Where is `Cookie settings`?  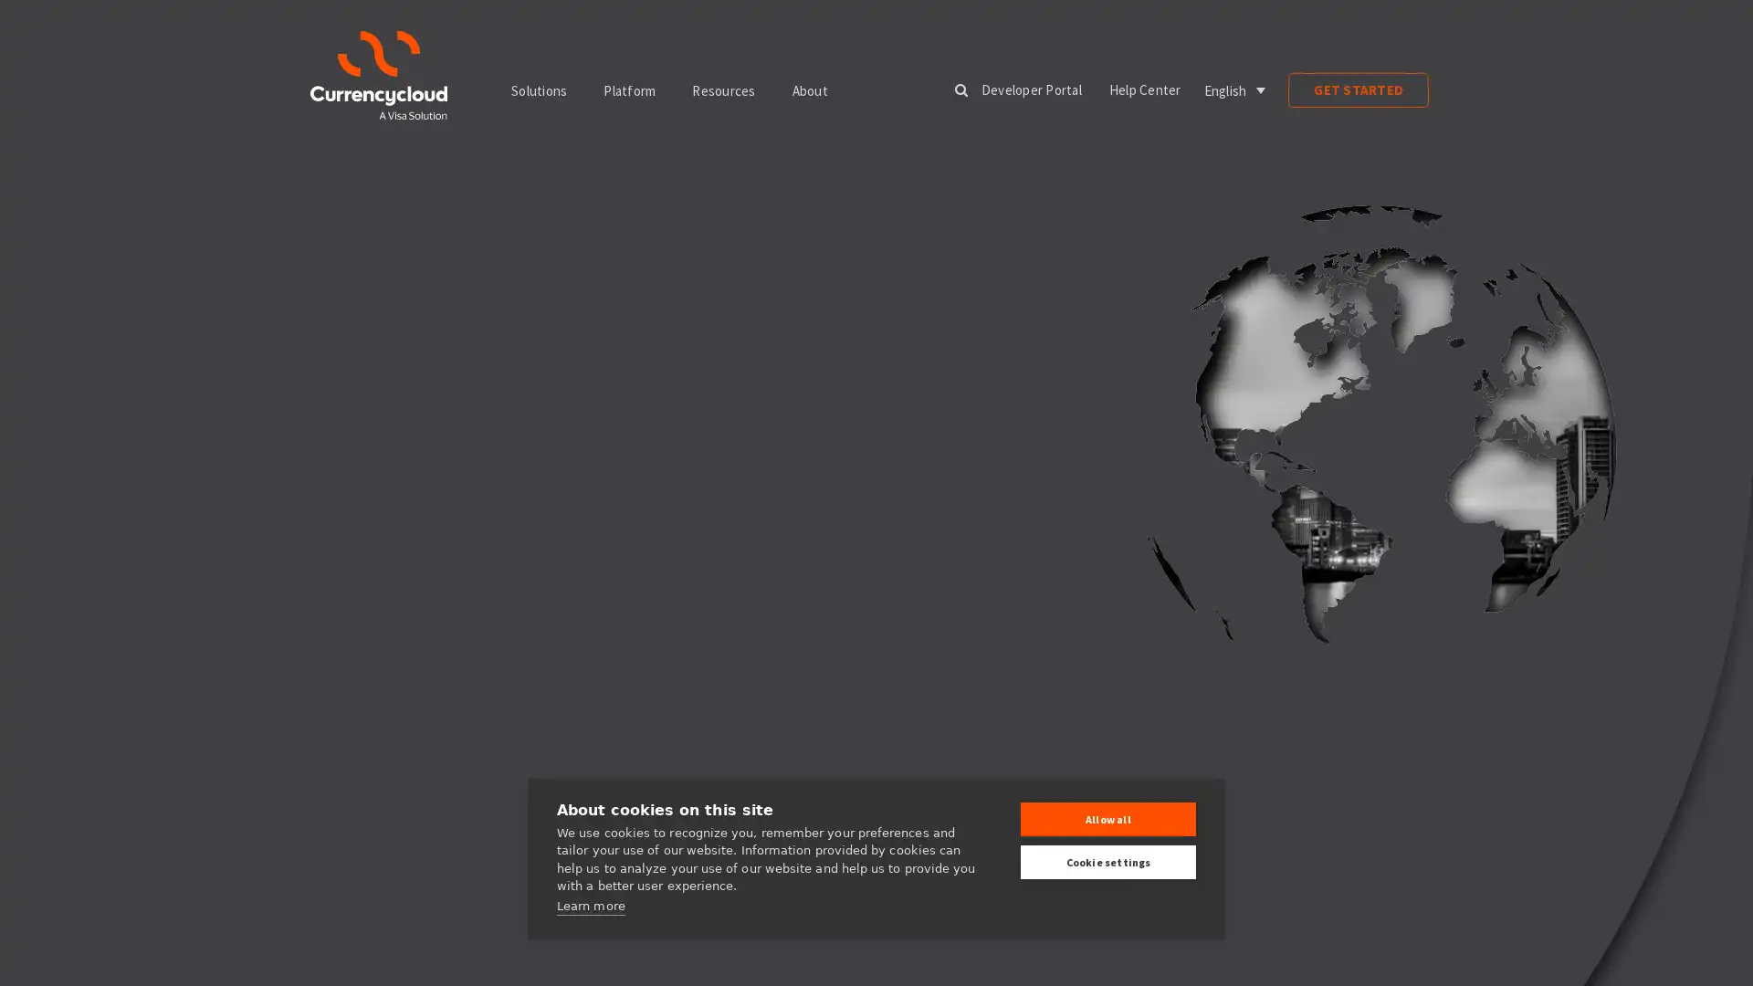 Cookie settings is located at coordinates (1107, 862).